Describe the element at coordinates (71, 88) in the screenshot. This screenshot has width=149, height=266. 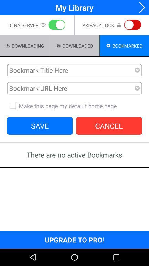
I see `url bookmark` at that location.